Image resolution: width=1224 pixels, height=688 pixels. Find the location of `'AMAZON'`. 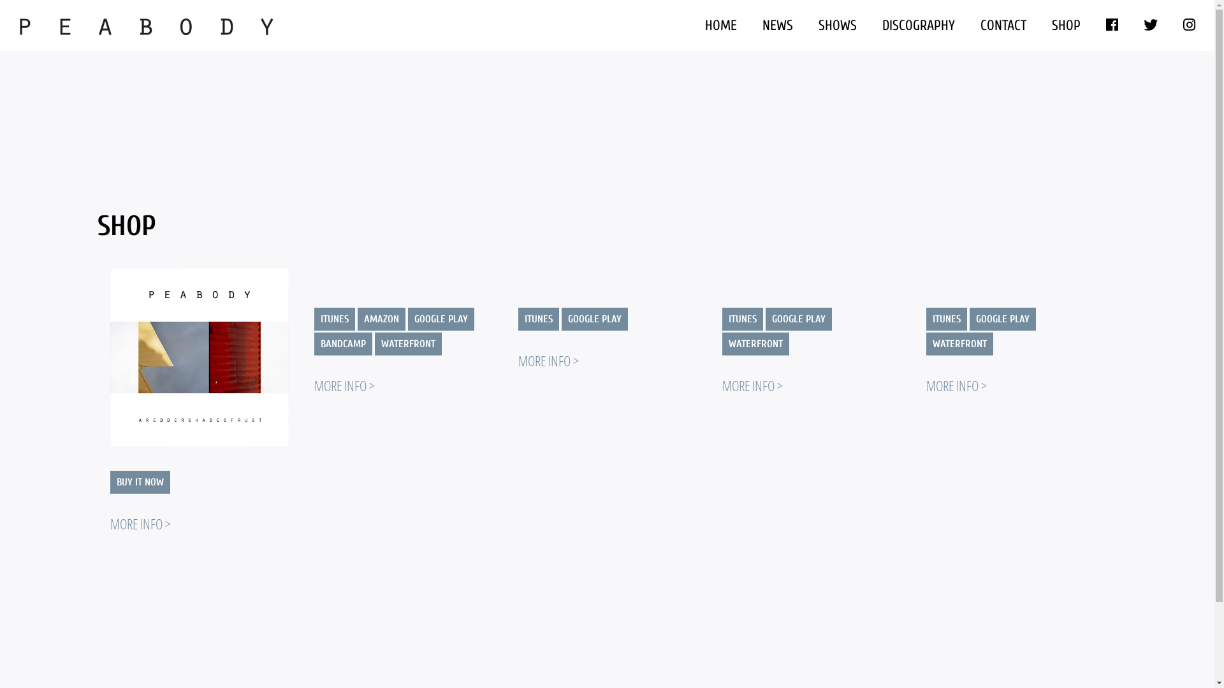

'AMAZON' is located at coordinates (380, 319).